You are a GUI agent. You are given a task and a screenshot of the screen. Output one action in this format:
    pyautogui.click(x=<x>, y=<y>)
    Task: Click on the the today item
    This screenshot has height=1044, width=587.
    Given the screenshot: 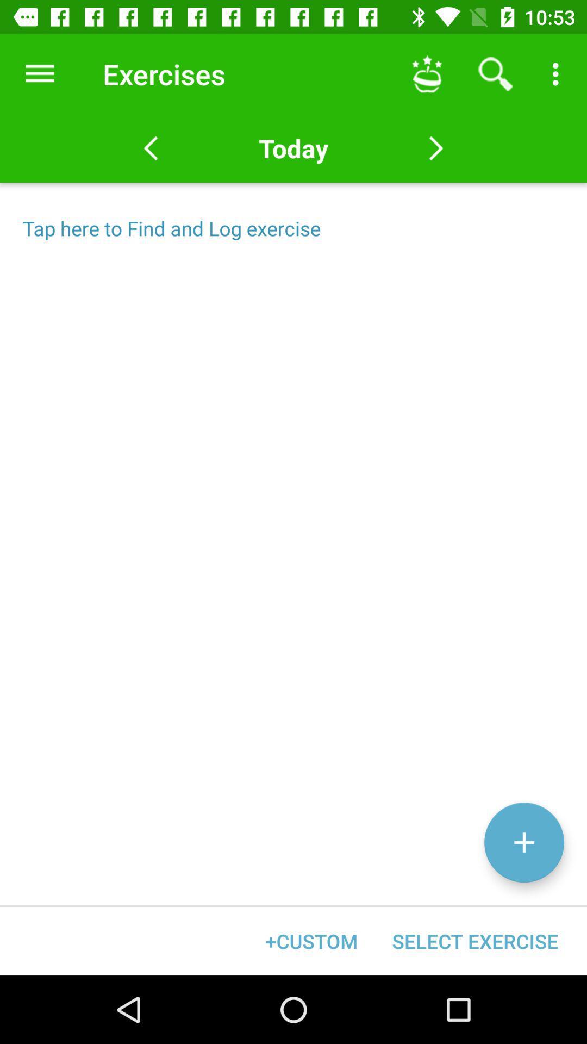 What is the action you would take?
    pyautogui.click(x=293, y=148)
    